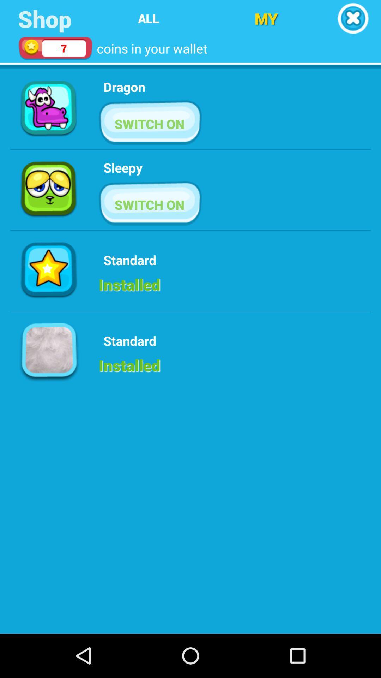 Image resolution: width=381 pixels, height=678 pixels. Describe the element at coordinates (266, 18) in the screenshot. I see `my icon` at that location.